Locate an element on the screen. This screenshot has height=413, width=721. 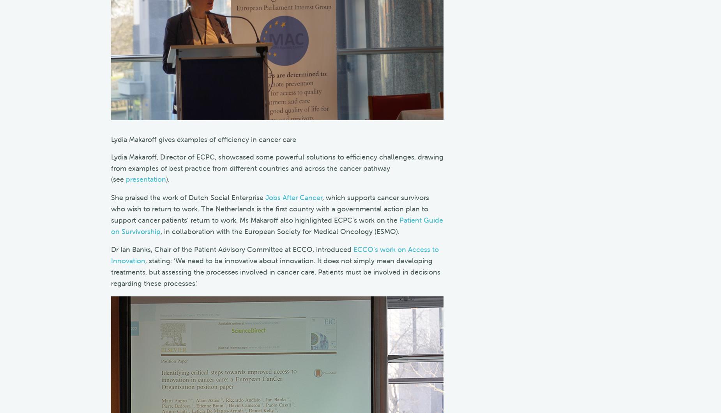
'She praised the work of Dutch Social Enterprise' is located at coordinates (187, 197).